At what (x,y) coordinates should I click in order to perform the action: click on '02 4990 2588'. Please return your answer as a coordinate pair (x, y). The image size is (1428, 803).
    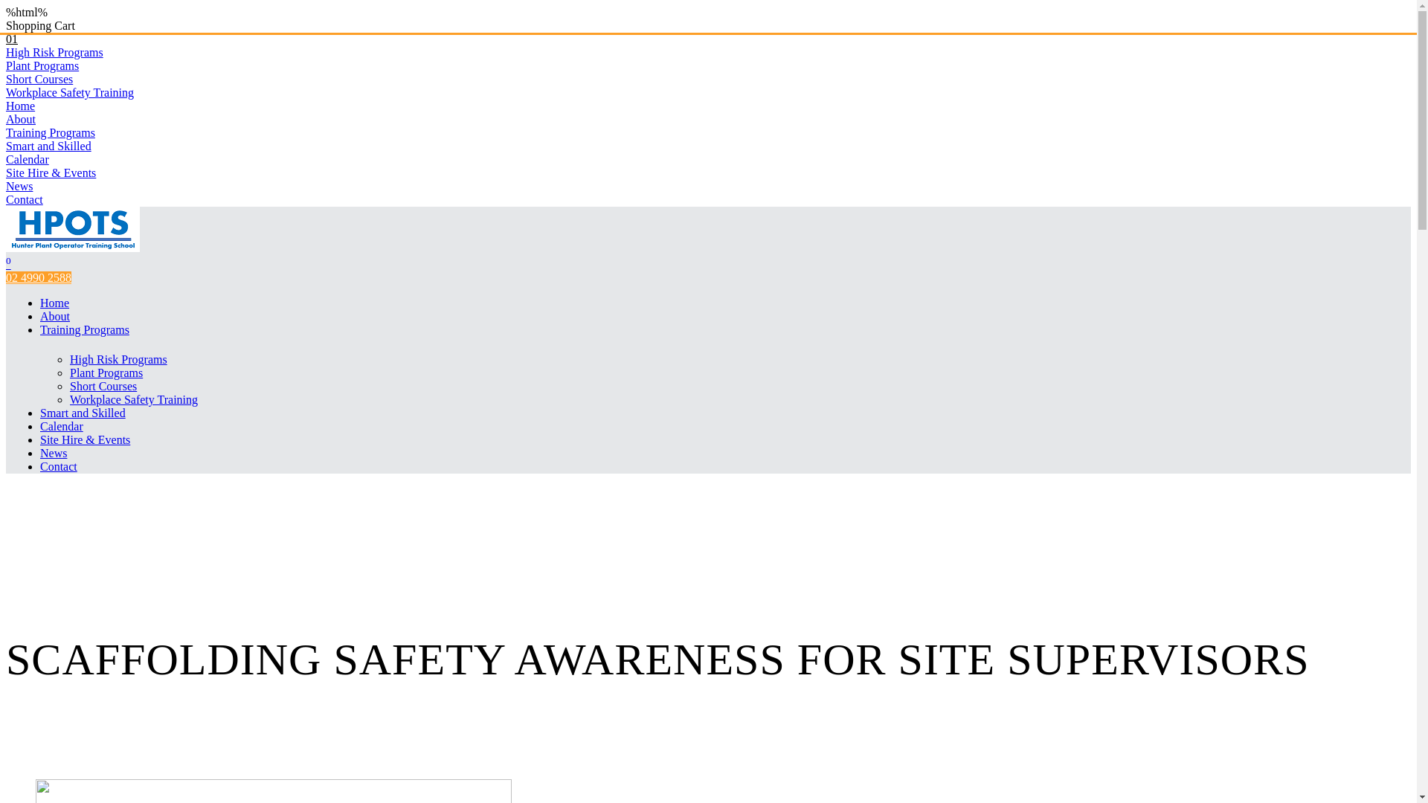
    Looking at the image, I should click on (39, 277).